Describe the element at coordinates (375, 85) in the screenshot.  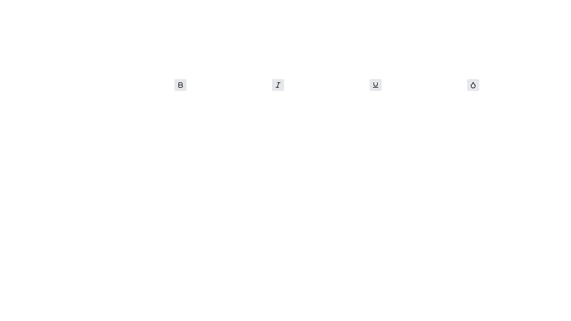
I see `the underline toggle icon button located in the toolbar to apply or remove underline styling from the selected text` at that location.